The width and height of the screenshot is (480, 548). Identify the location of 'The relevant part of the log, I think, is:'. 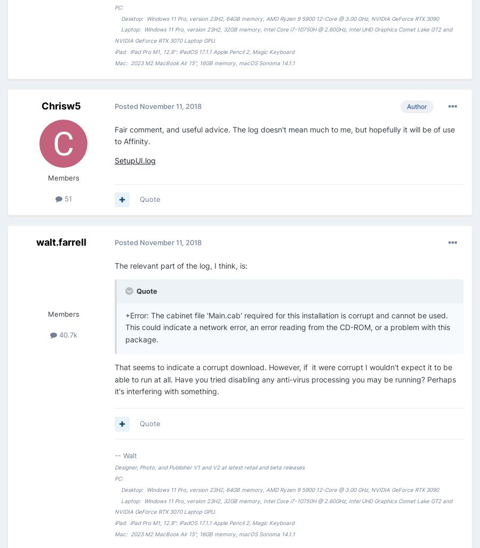
(181, 264).